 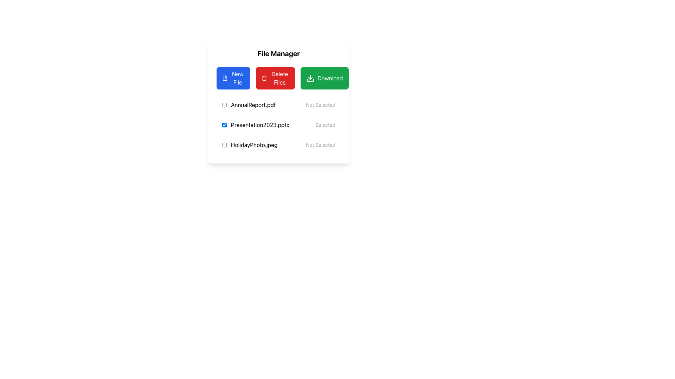 What do you see at coordinates (278, 124) in the screenshot?
I see `the checkbox of the second row file entry 'Presentation2023.pptx' in the File Manager` at bounding box center [278, 124].